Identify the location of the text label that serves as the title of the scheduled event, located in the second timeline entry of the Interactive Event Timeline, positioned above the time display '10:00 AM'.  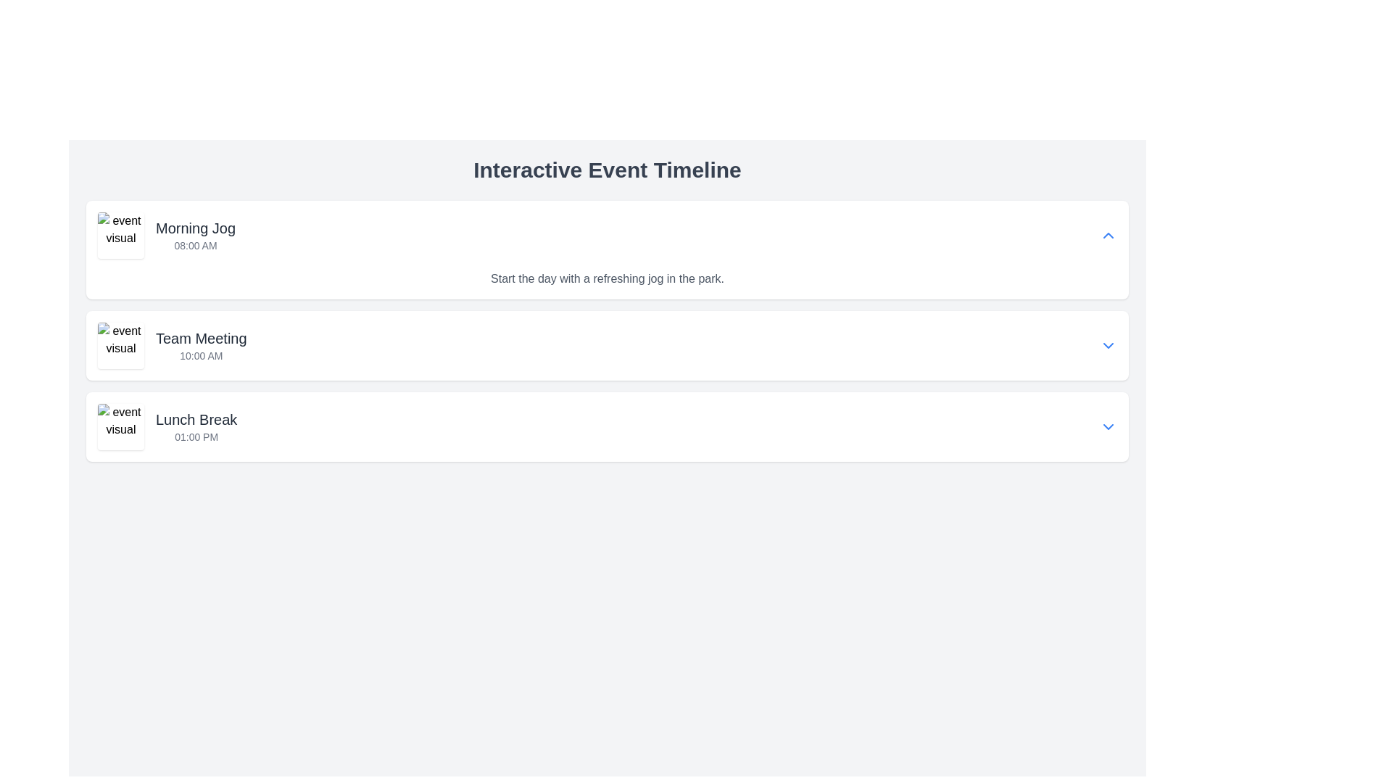
(200, 338).